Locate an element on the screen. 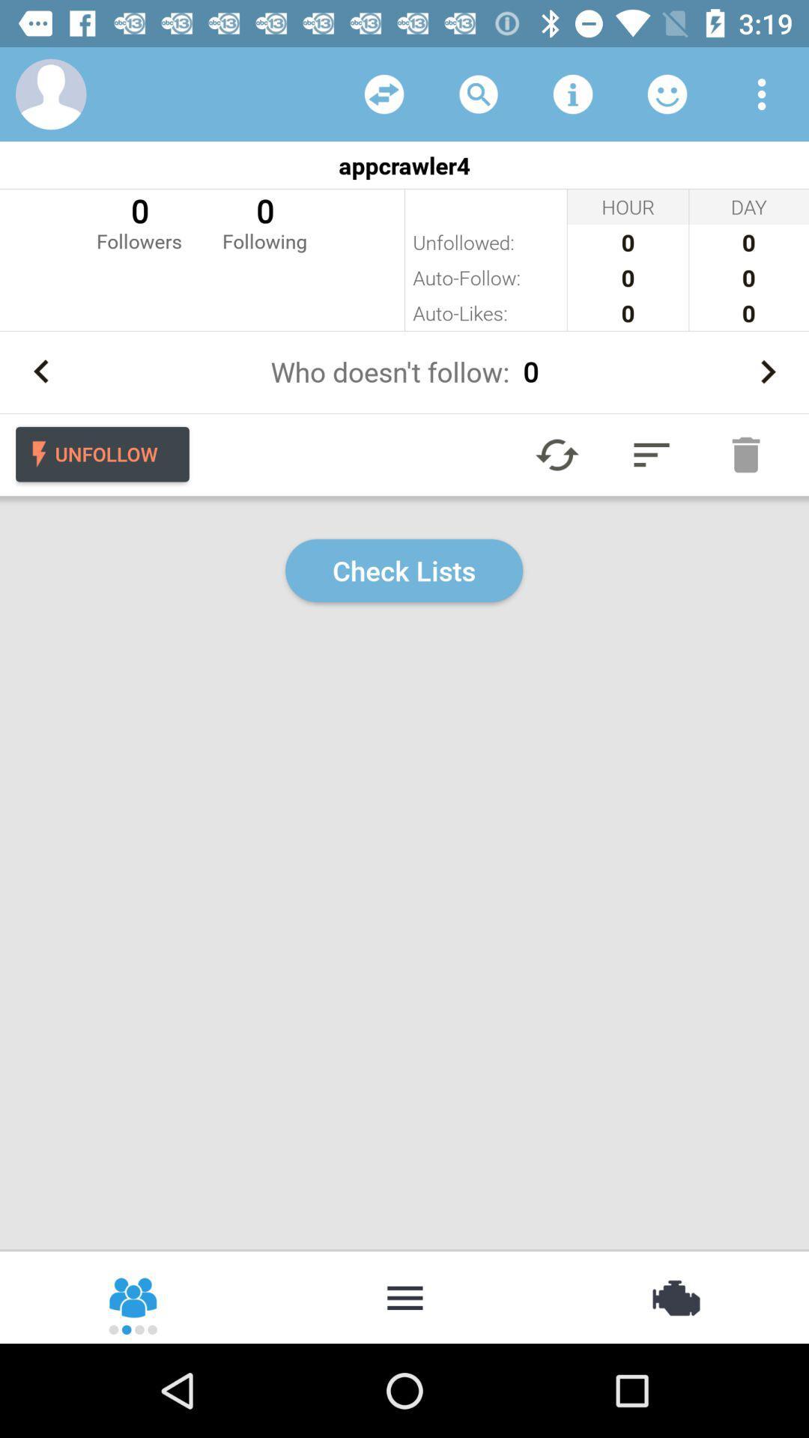  next page is located at coordinates (767, 371).